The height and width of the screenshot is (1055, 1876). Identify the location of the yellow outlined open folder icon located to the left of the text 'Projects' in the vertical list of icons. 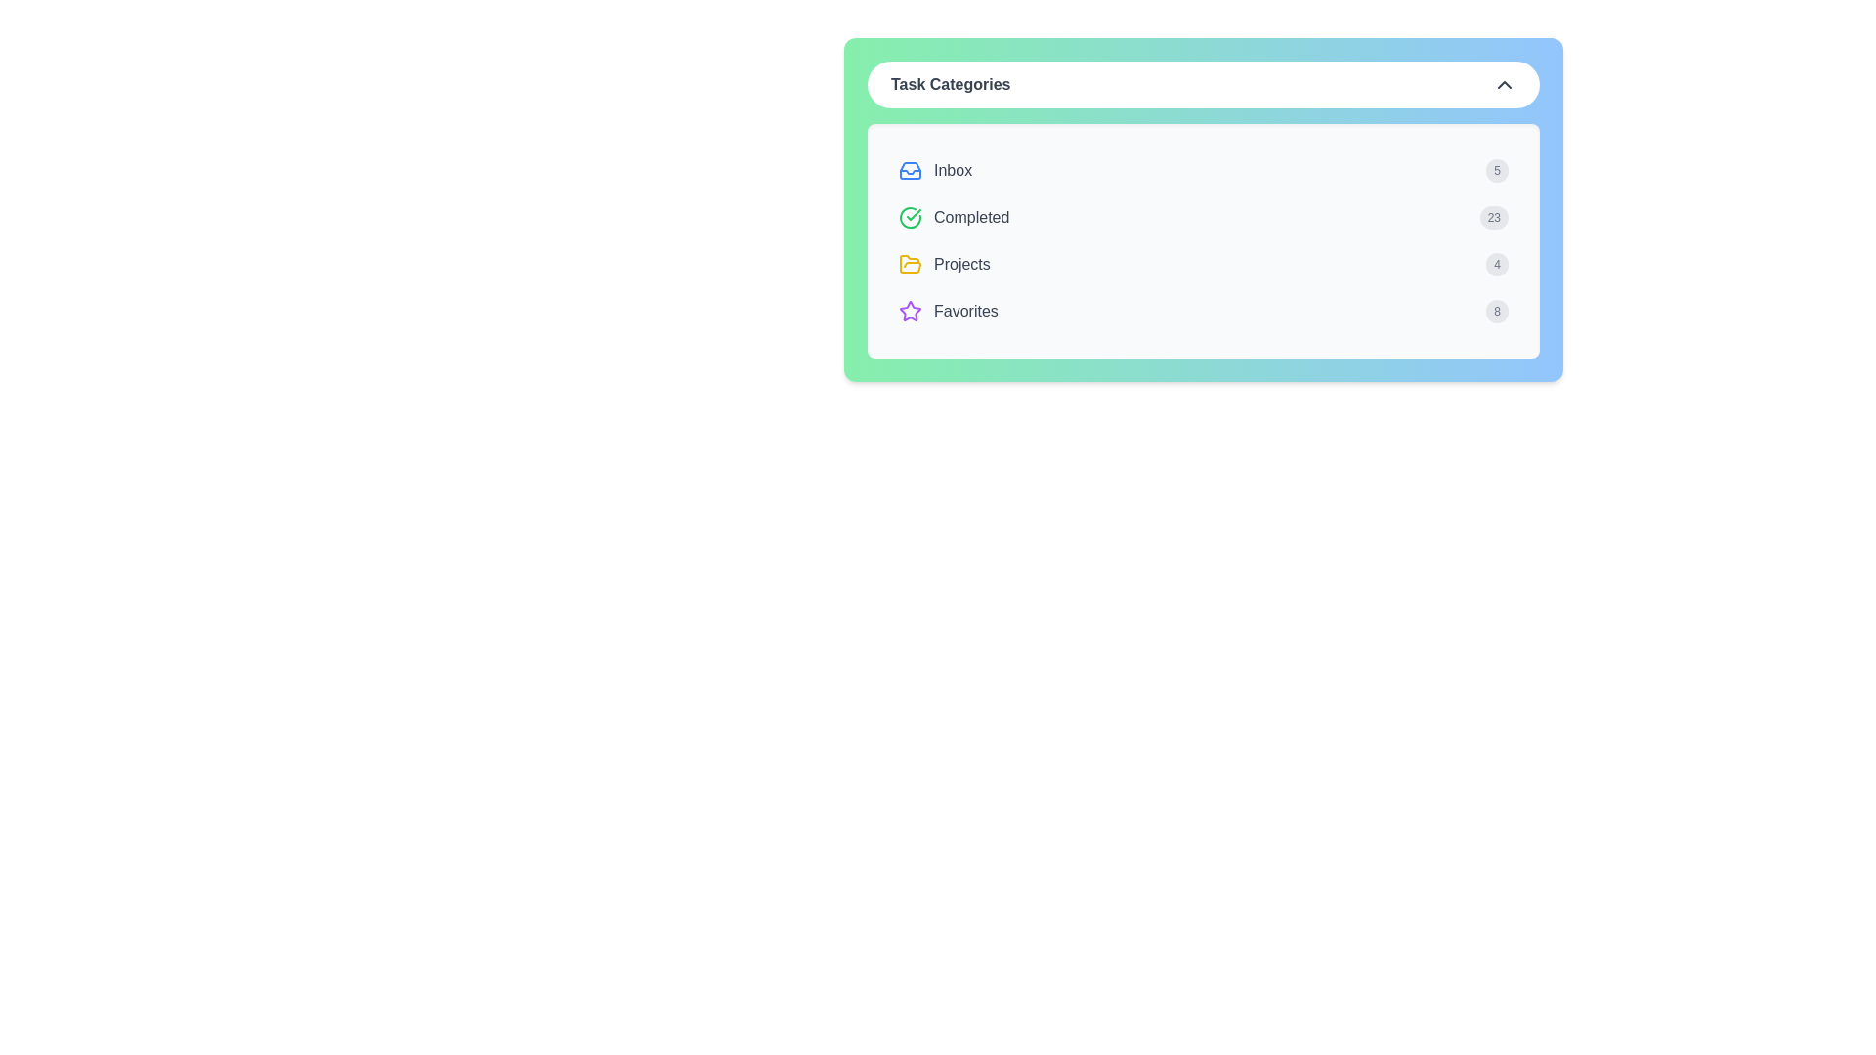
(909, 264).